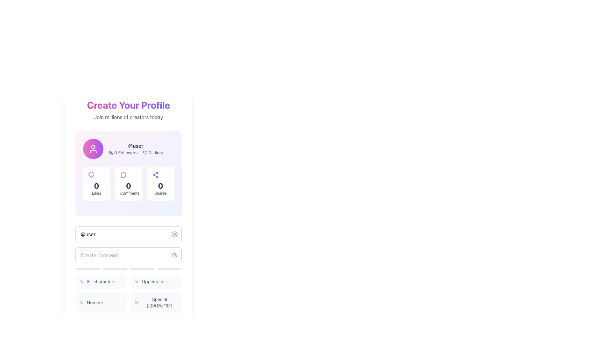 The width and height of the screenshot is (611, 343). What do you see at coordinates (160, 186) in the screenshot?
I see `the bold numeral '0' displayed in dark gray above the 'Shares' label in the Shares widget on the profile creation page` at bounding box center [160, 186].